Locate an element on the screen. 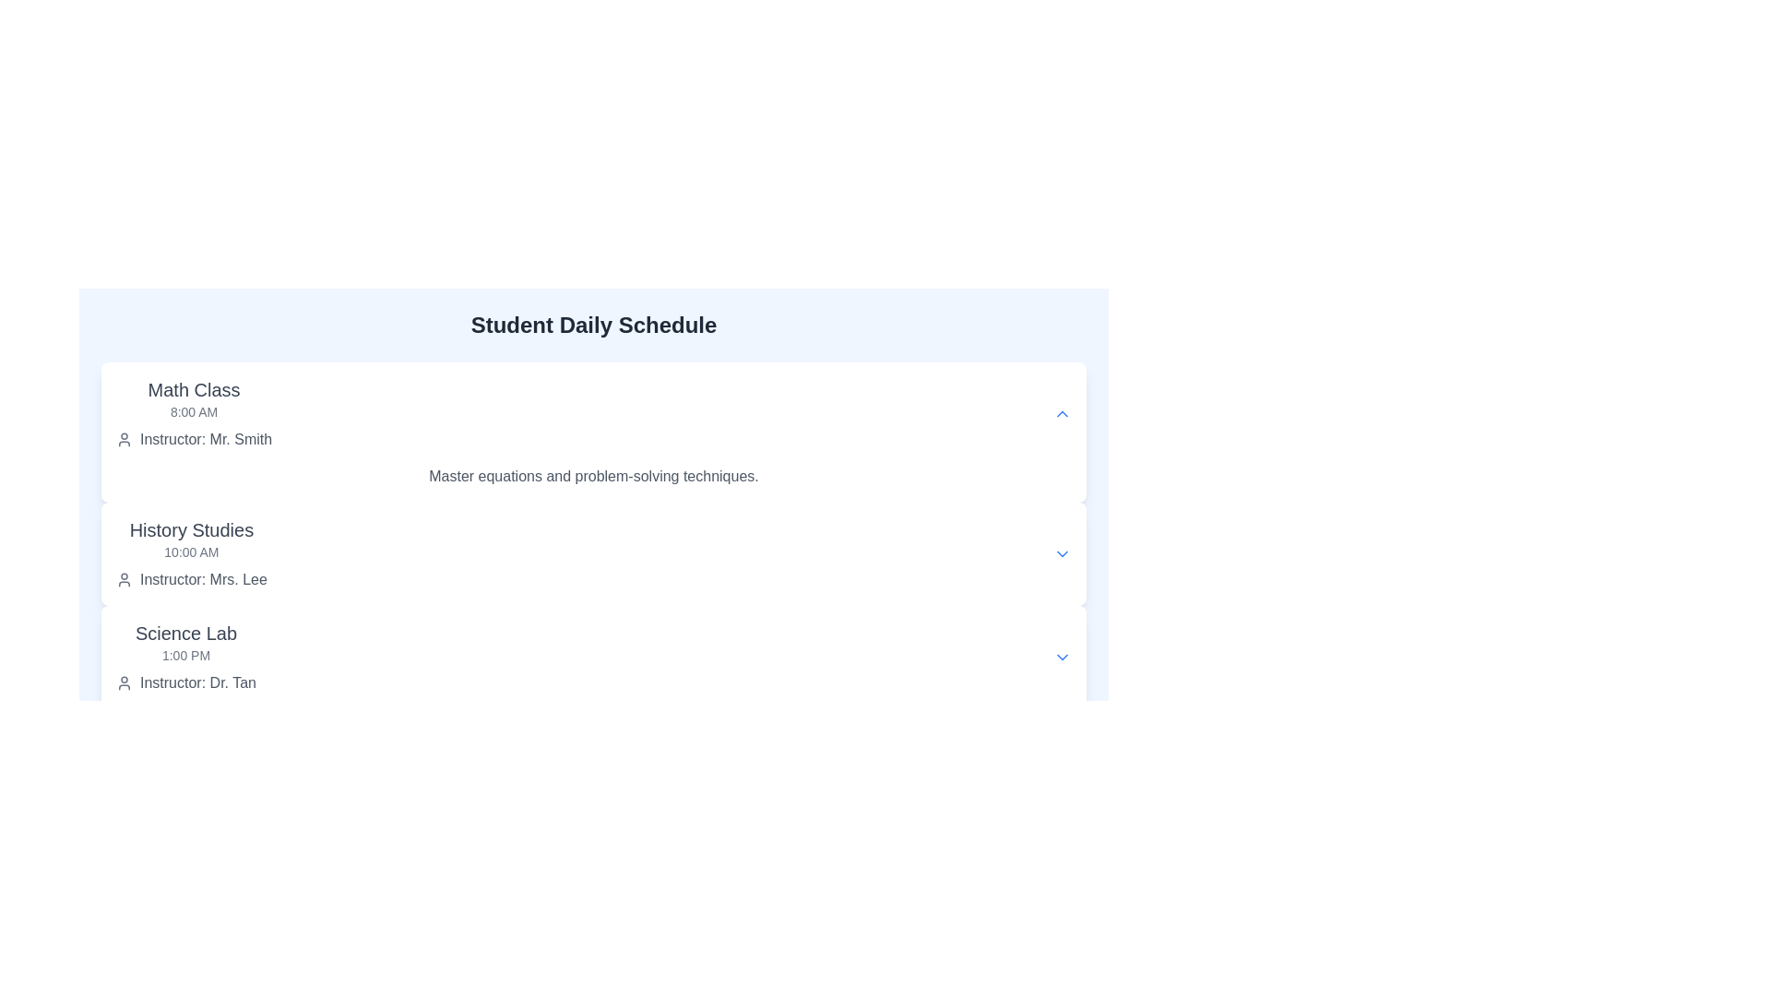  the text and icon combination that displays 'Instructor: Mr. Smith' located at the bottom of the 'Math Class' section under '8:00 AM' is located at coordinates (194, 440).